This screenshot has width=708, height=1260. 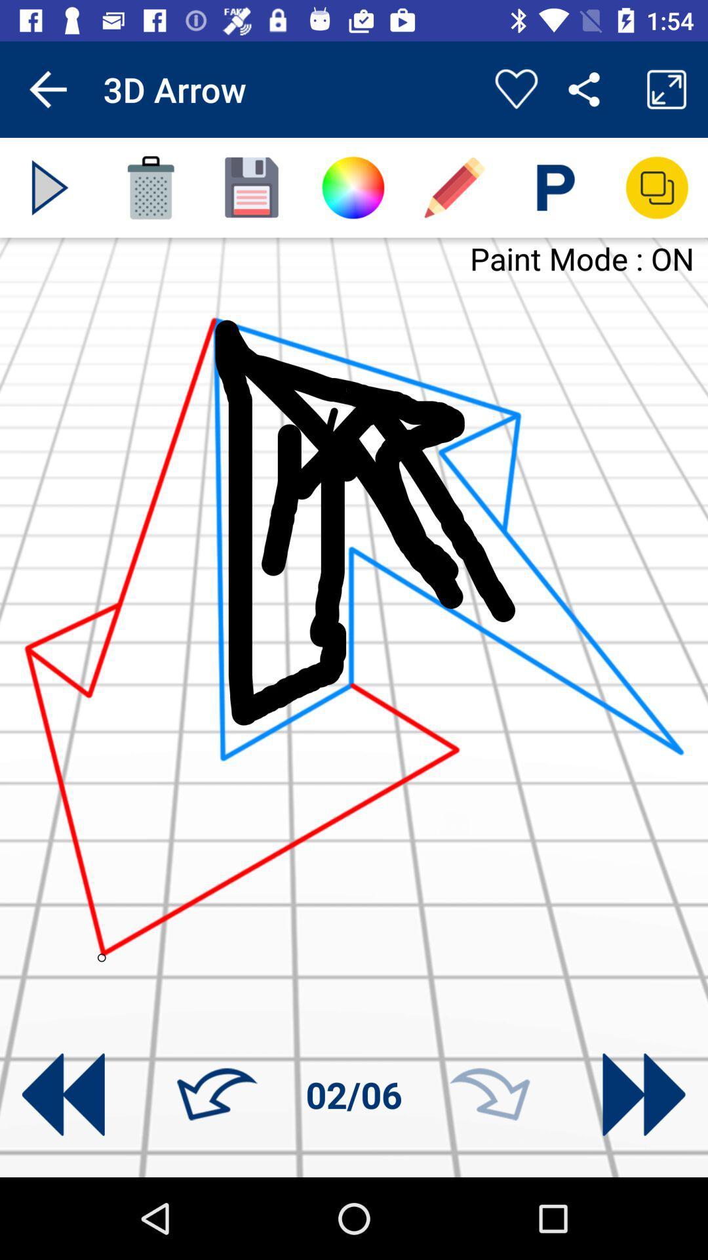 I want to click on like button, so click(x=515, y=89).